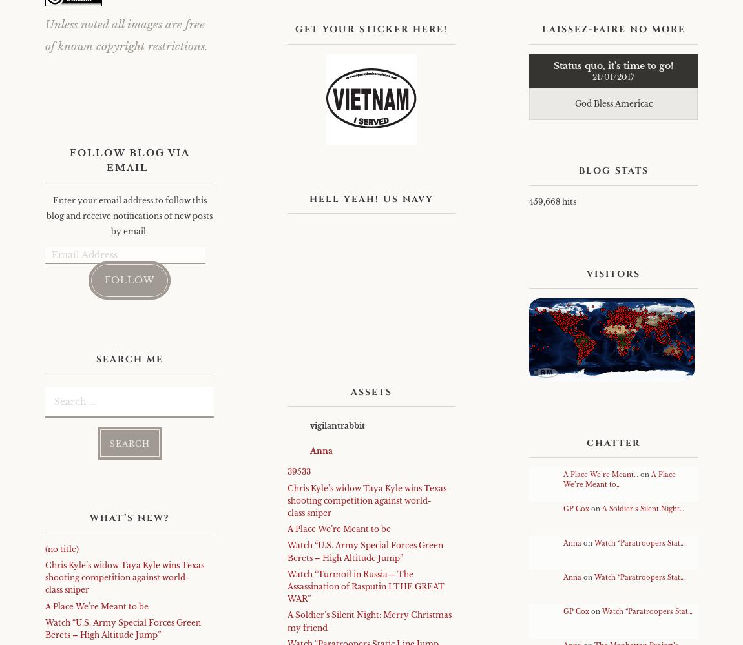  I want to click on 'Hell Yeah! US Navy', so click(371, 198).